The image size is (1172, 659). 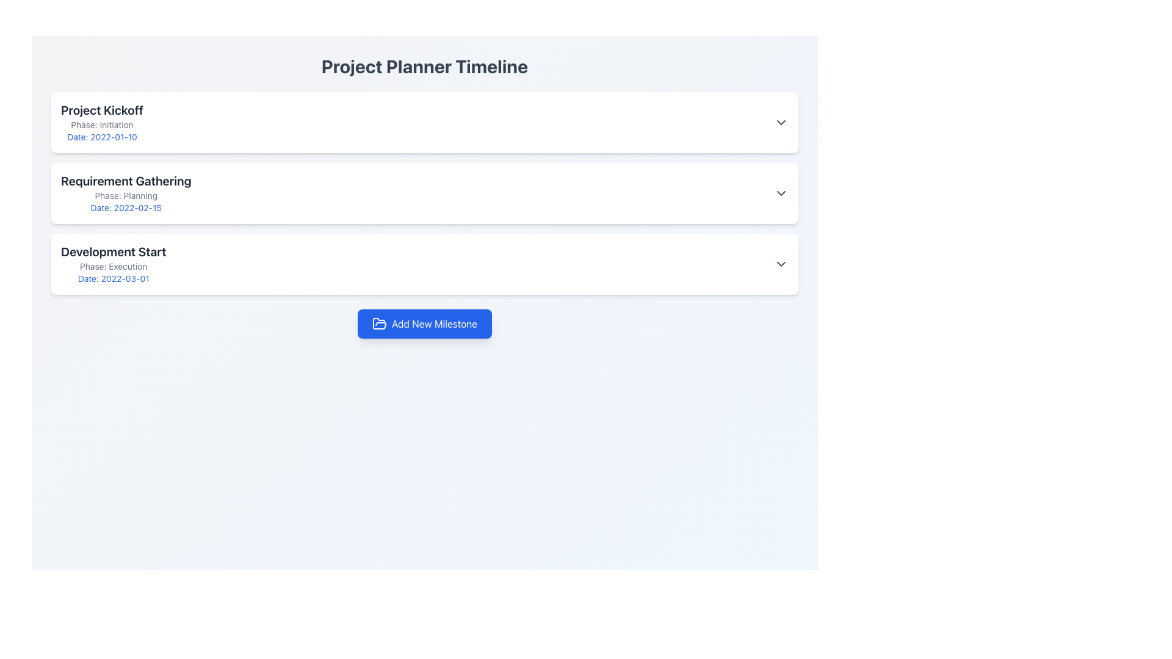 What do you see at coordinates (425, 263) in the screenshot?
I see `summary of the third milestone in the project timeline, located between 'Requirement Gathering' and 'Add New Milestone'` at bounding box center [425, 263].